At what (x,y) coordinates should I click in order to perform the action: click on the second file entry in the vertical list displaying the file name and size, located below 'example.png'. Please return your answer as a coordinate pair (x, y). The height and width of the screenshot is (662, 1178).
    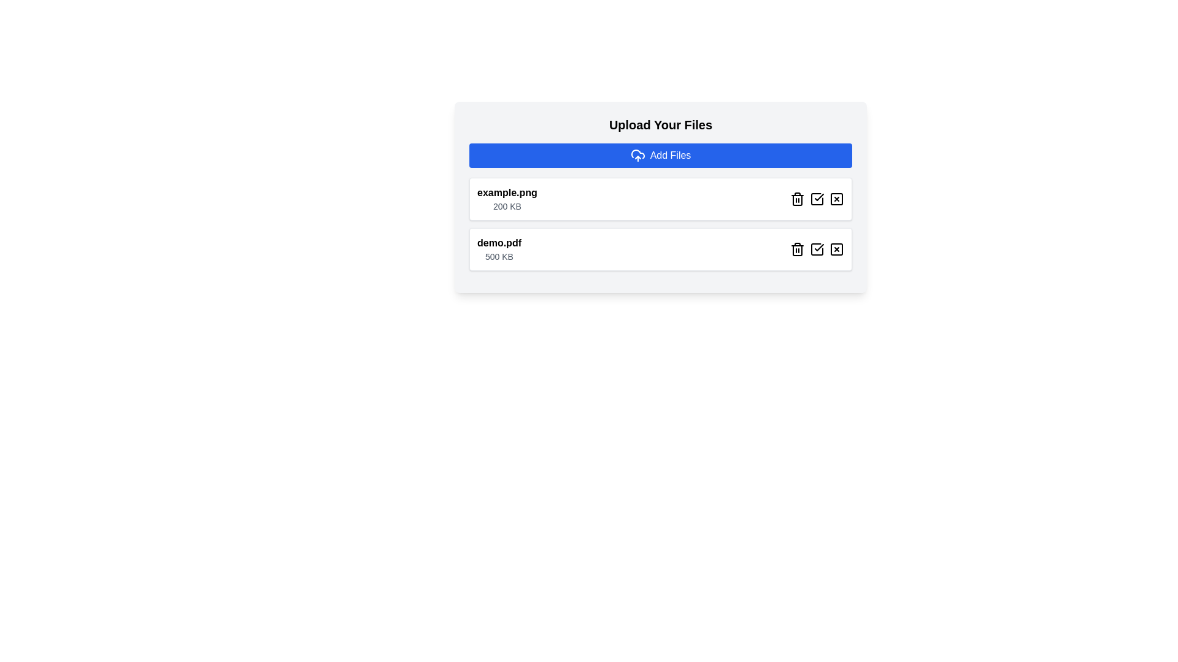
    Looking at the image, I should click on (499, 249).